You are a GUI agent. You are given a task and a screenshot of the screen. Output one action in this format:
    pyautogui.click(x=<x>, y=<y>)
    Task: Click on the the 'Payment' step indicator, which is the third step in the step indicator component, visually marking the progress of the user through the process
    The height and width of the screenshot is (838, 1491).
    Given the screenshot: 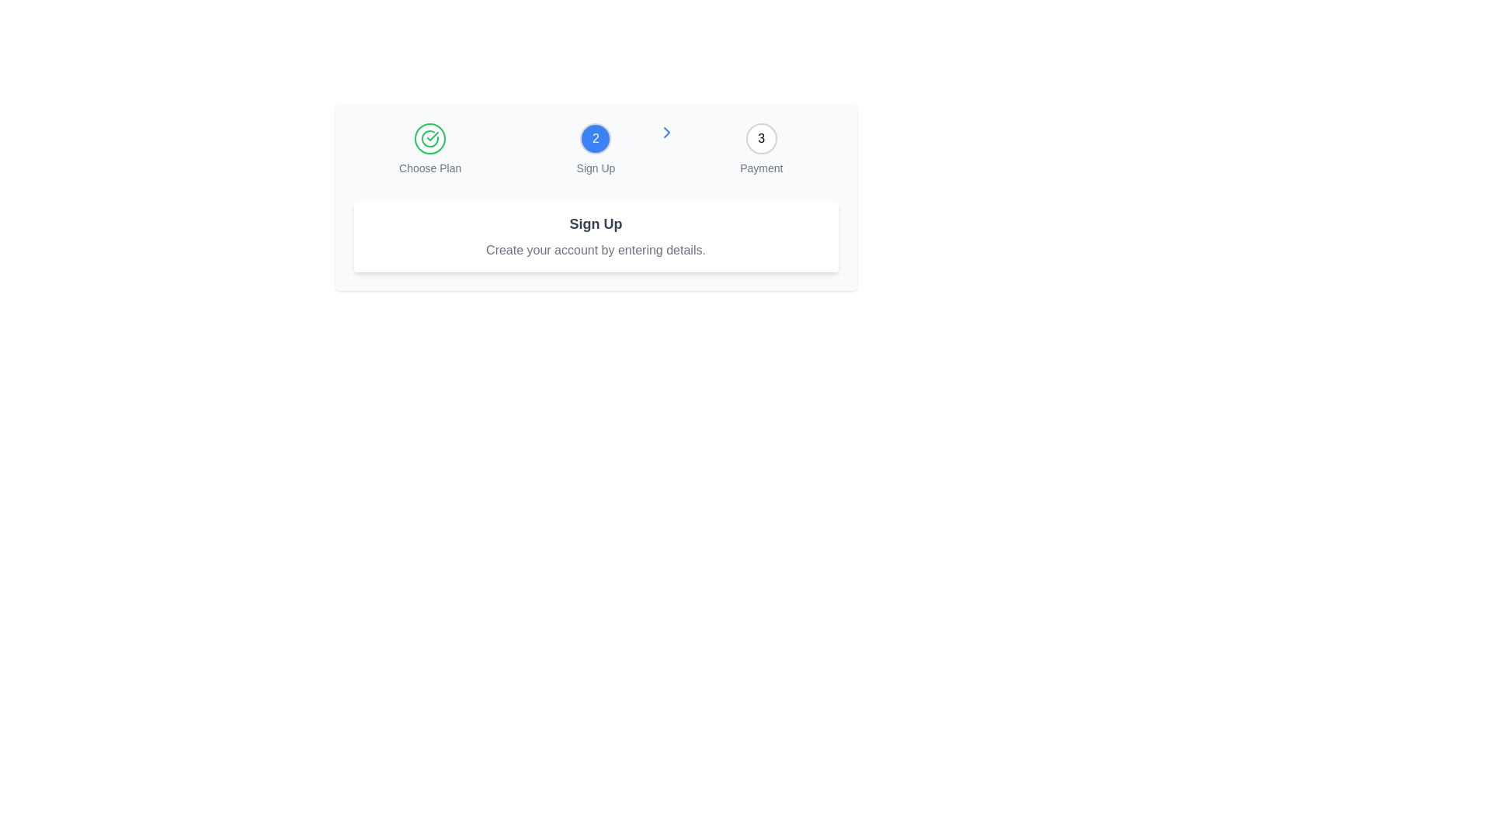 What is the action you would take?
    pyautogui.click(x=761, y=137)
    